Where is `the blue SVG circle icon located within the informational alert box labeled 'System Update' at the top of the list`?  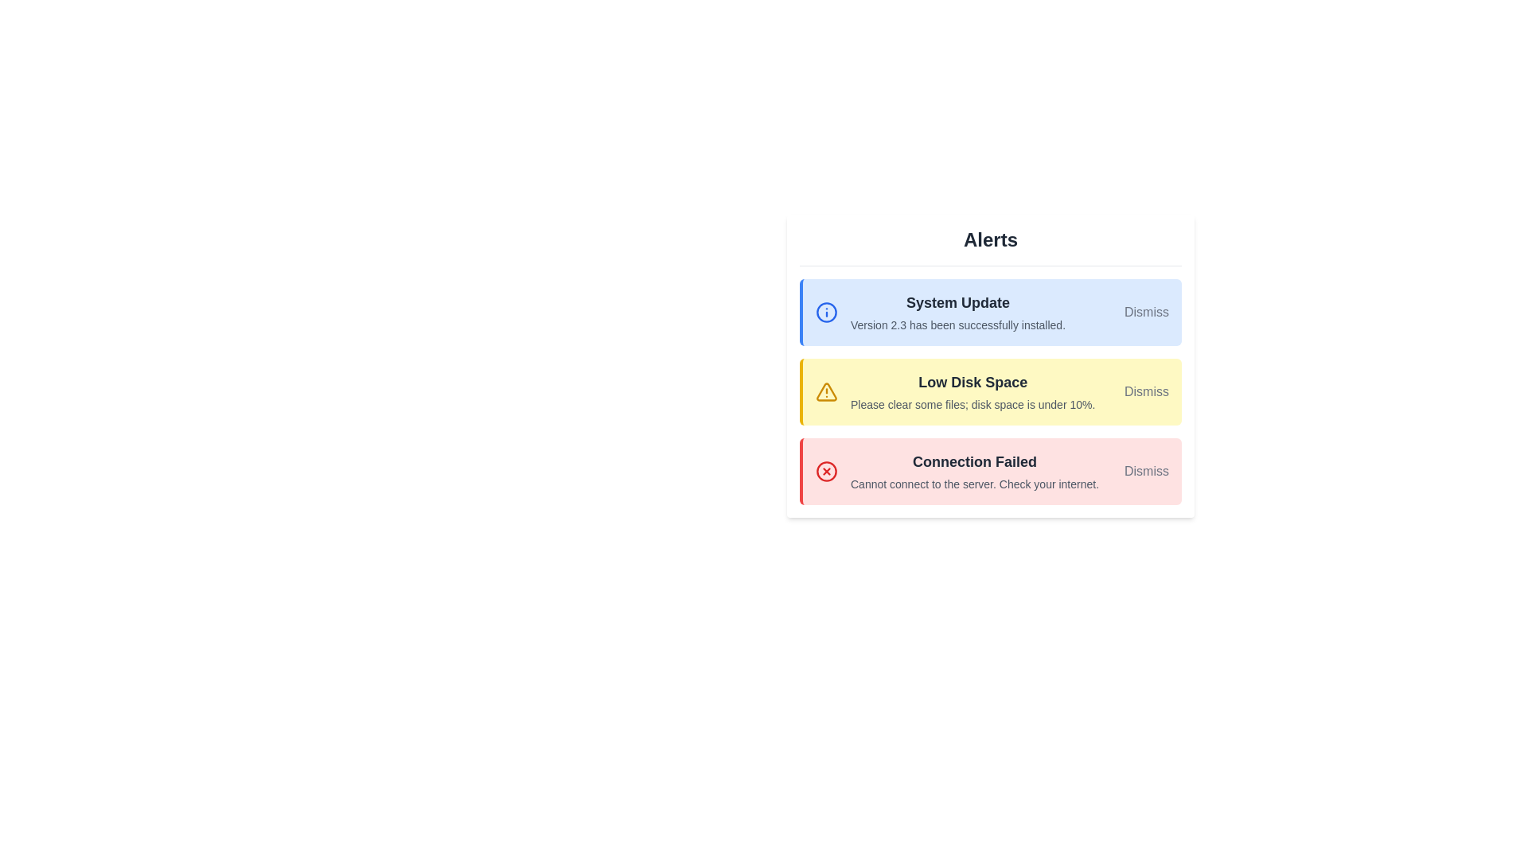
the blue SVG circle icon located within the informational alert box labeled 'System Update' at the top of the list is located at coordinates (826, 313).